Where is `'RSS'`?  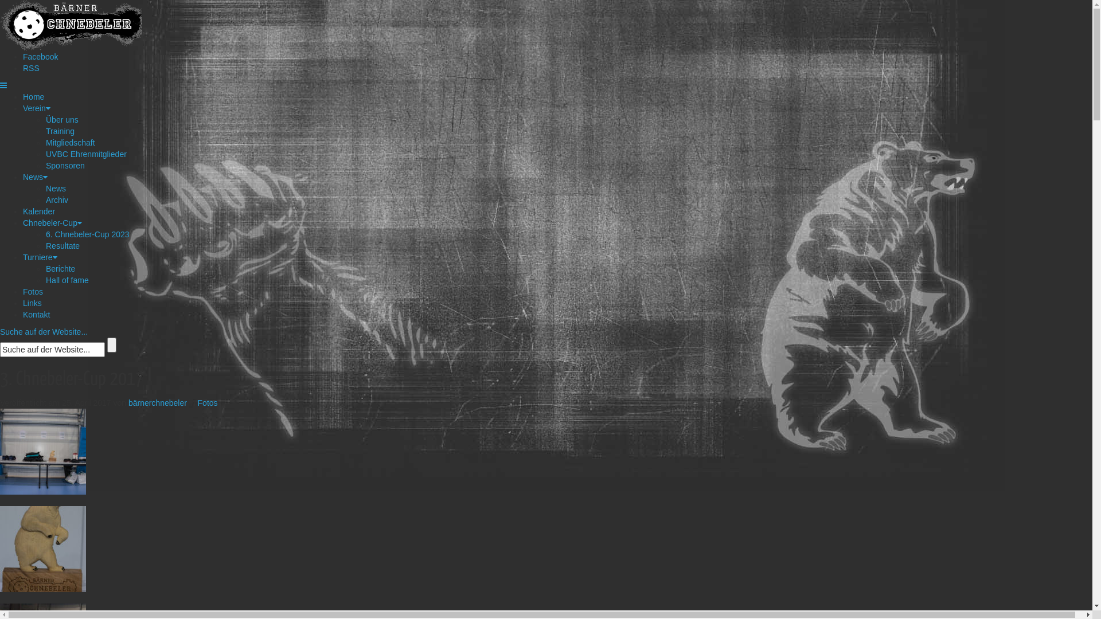
'RSS' is located at coordinates (31, 68).